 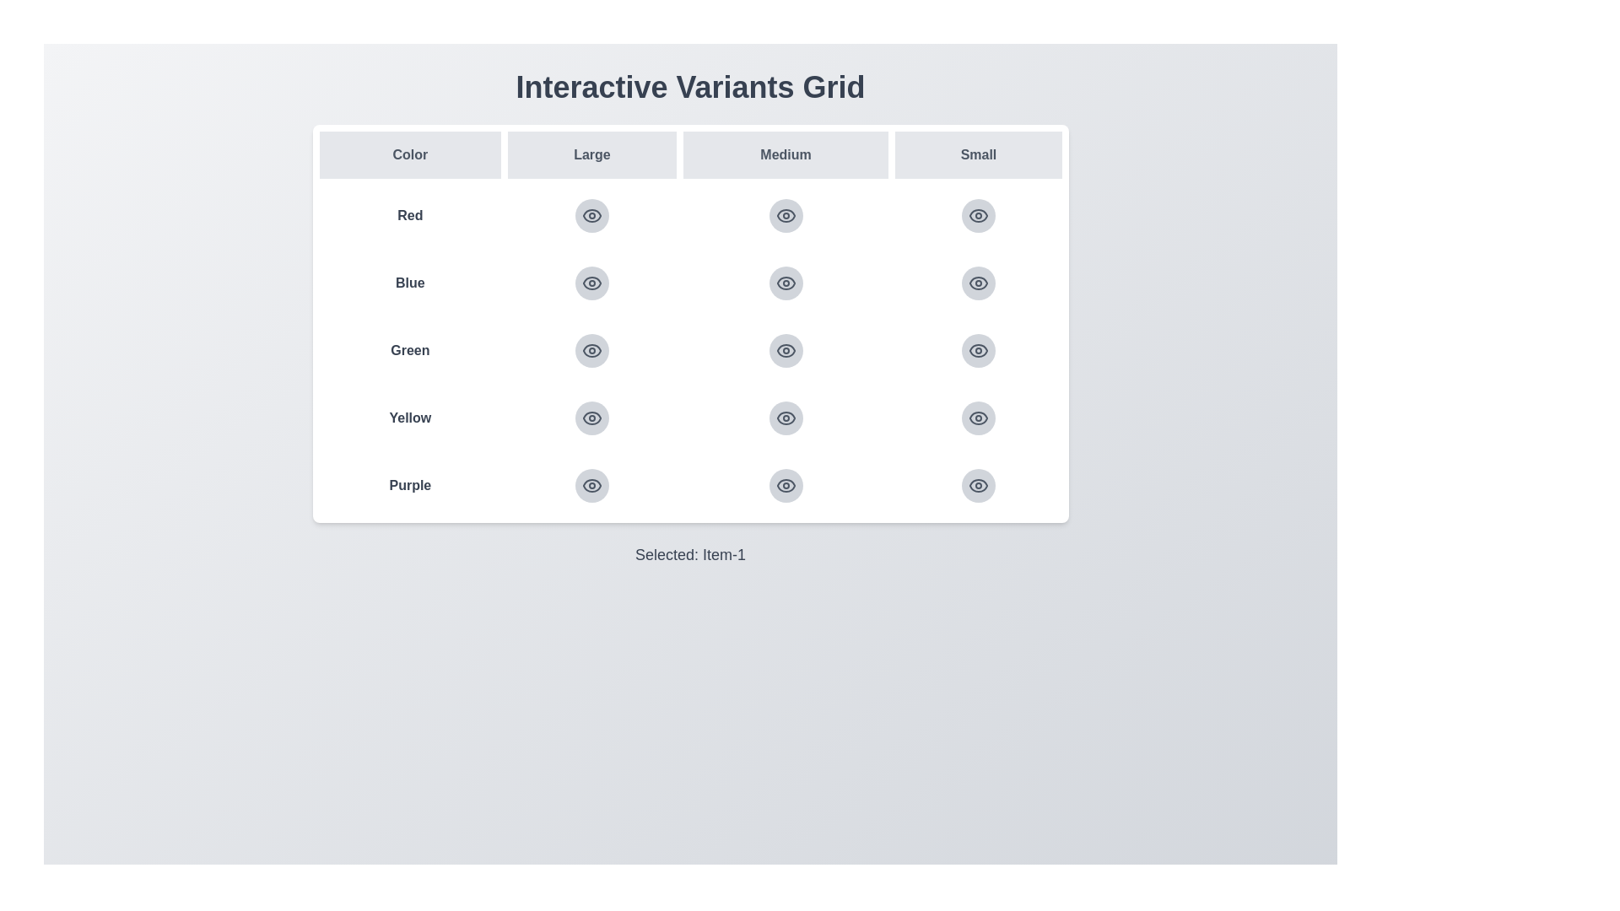 I want to click on the circular button representing the 'view' action for the 'Green' row in the 'Small' column, so click(x=979, y=350).